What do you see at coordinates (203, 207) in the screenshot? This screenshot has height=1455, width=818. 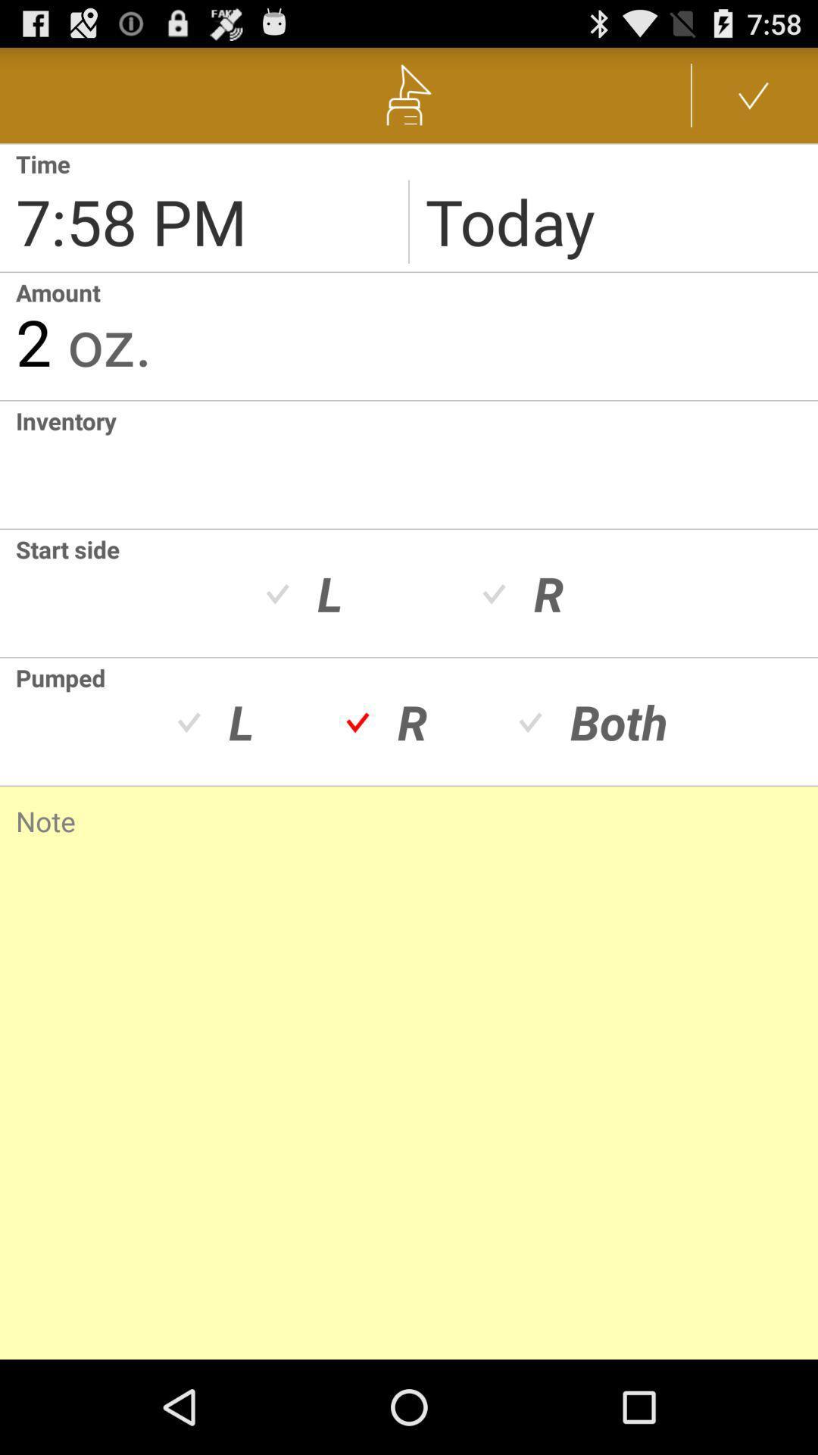 I see `present time` at bounding box center [203, 207].